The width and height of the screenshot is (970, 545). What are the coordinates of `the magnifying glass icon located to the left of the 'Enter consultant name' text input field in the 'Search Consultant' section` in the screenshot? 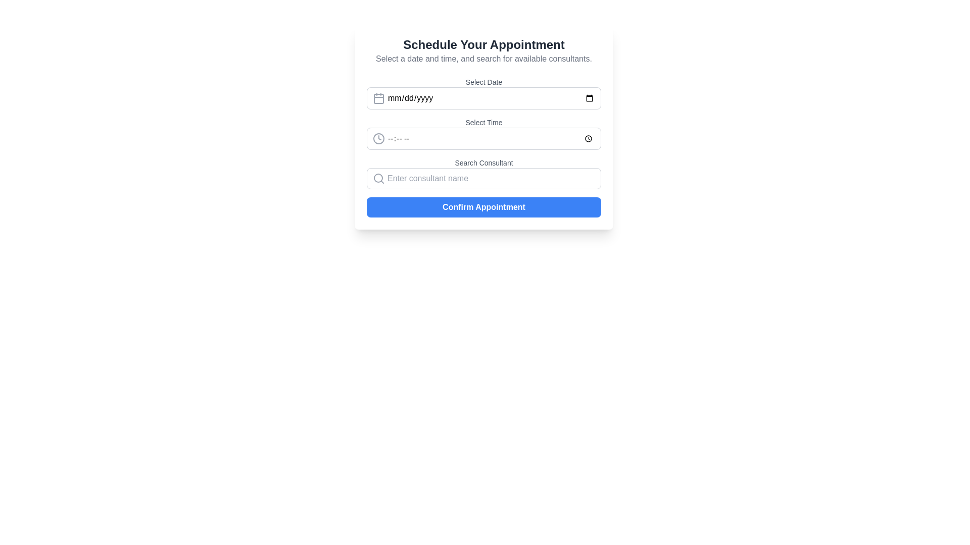 It's located at (378, 178).